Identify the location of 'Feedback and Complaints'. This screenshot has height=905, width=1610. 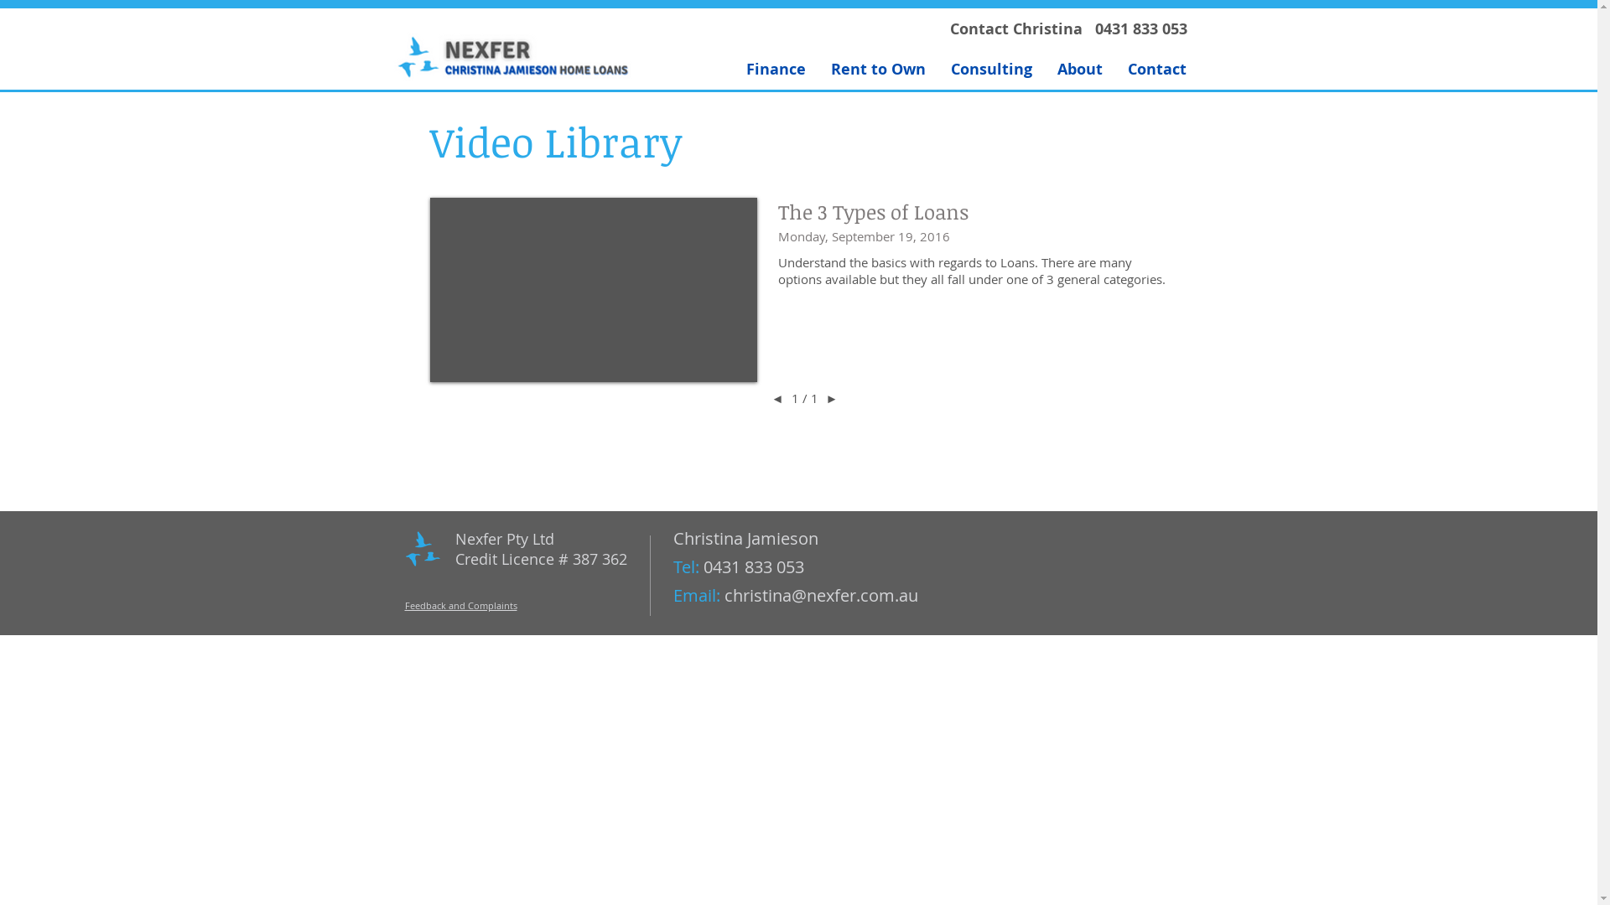
(460, 605).